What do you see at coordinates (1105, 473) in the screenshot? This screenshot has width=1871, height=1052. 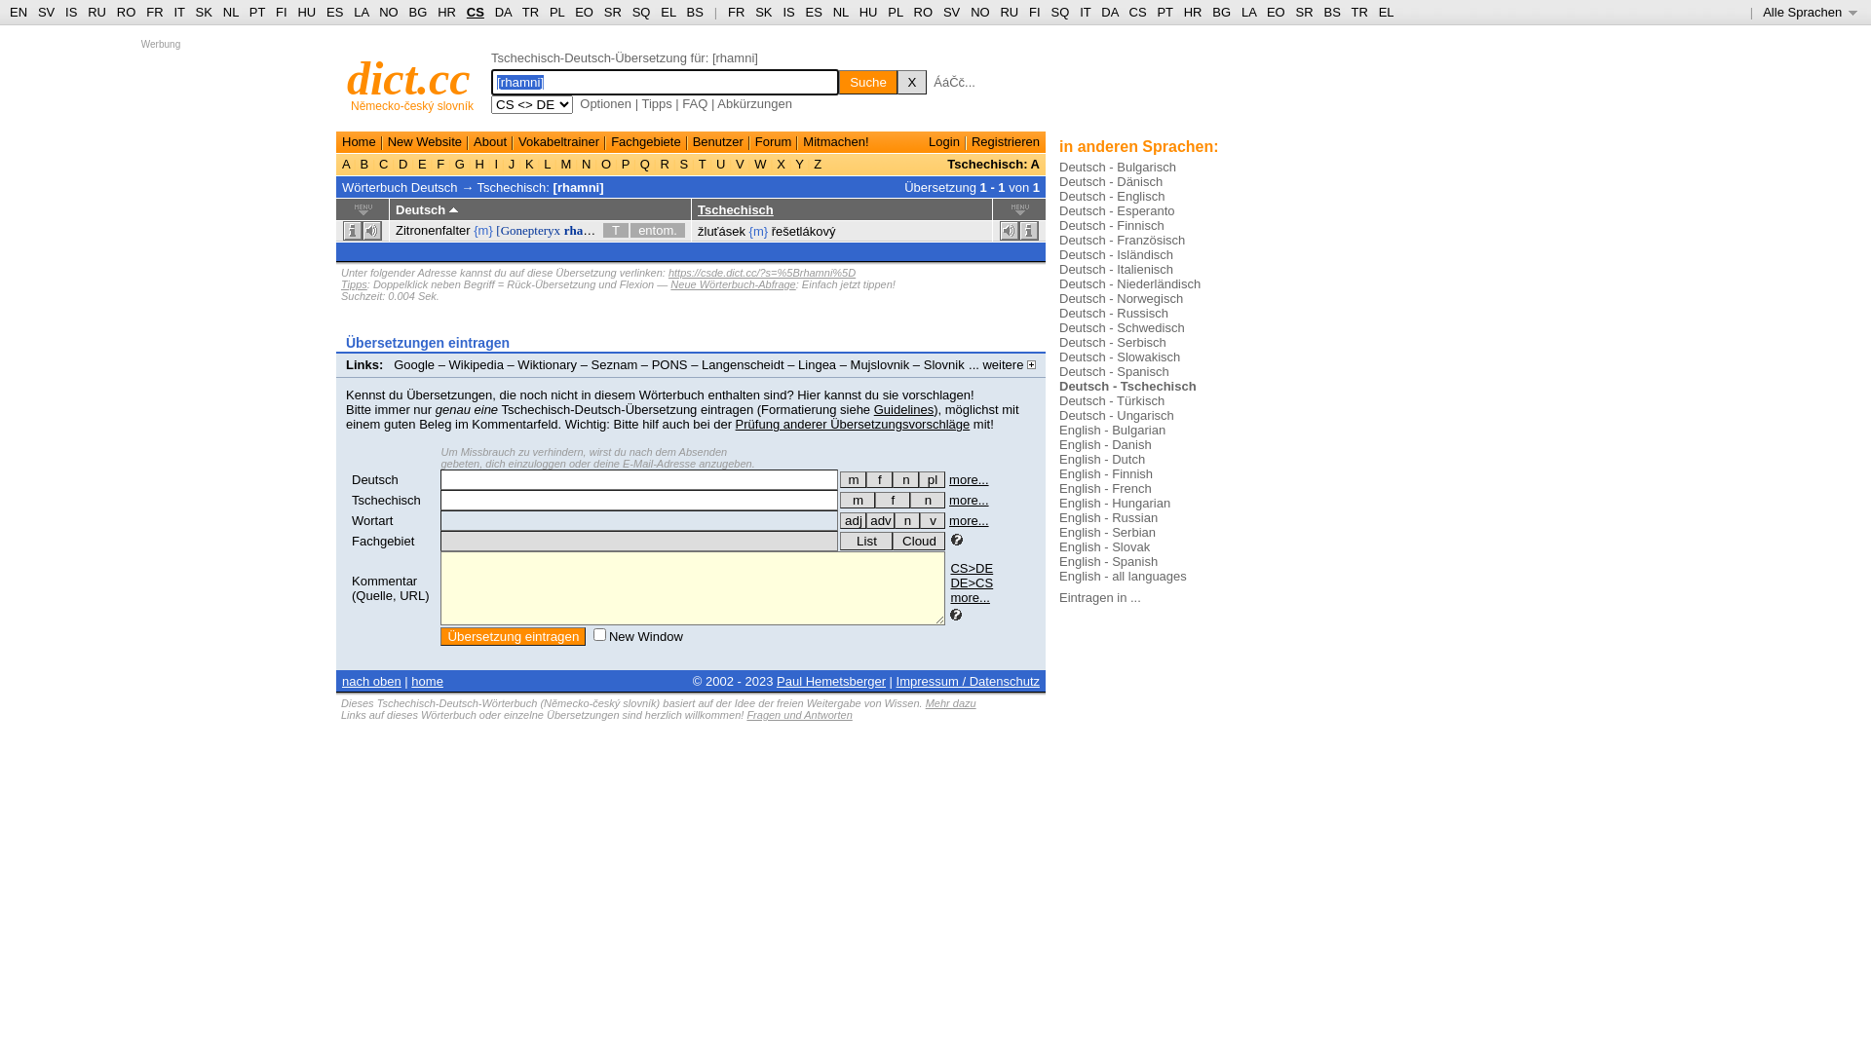 I see `'English - Finnish'` at bounding box center [1105, 473].